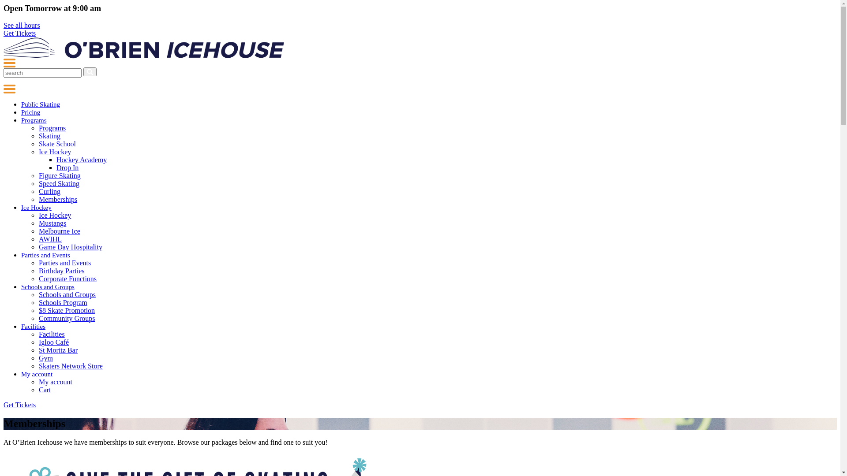 This screenshot has height=476, width=847. Describe the element at coordinates (82, 160) in the screenshot. I see `'Hockey Academy'` at that location.